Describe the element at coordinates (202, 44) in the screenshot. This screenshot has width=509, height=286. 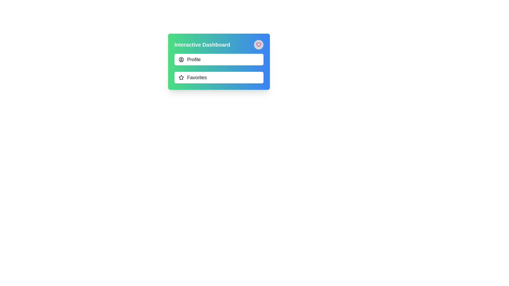
I see `the 'Interactive Dashboard' text label, which serves as the heading for the section` at that location.